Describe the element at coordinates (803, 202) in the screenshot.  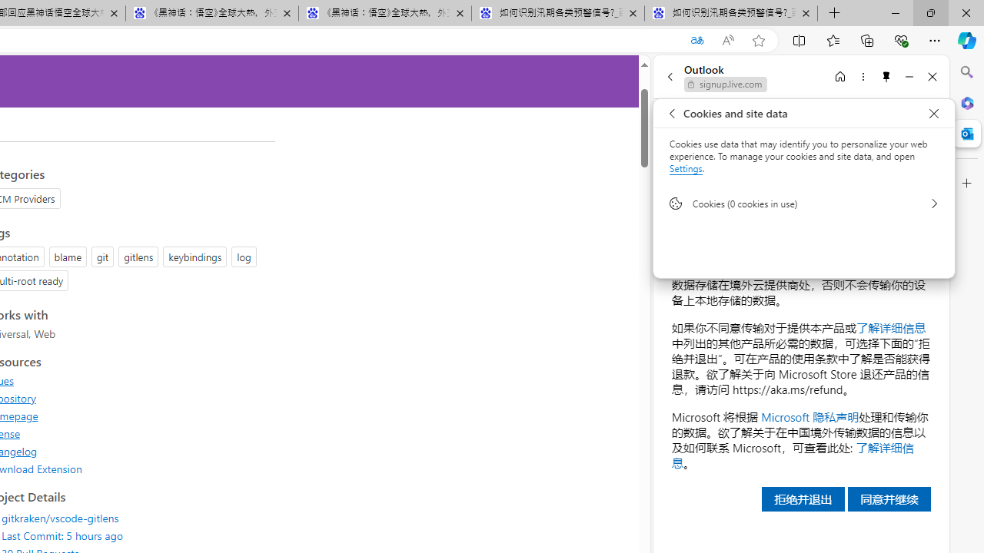
I see `'Cookies (0 cookies in use)'` at that location.